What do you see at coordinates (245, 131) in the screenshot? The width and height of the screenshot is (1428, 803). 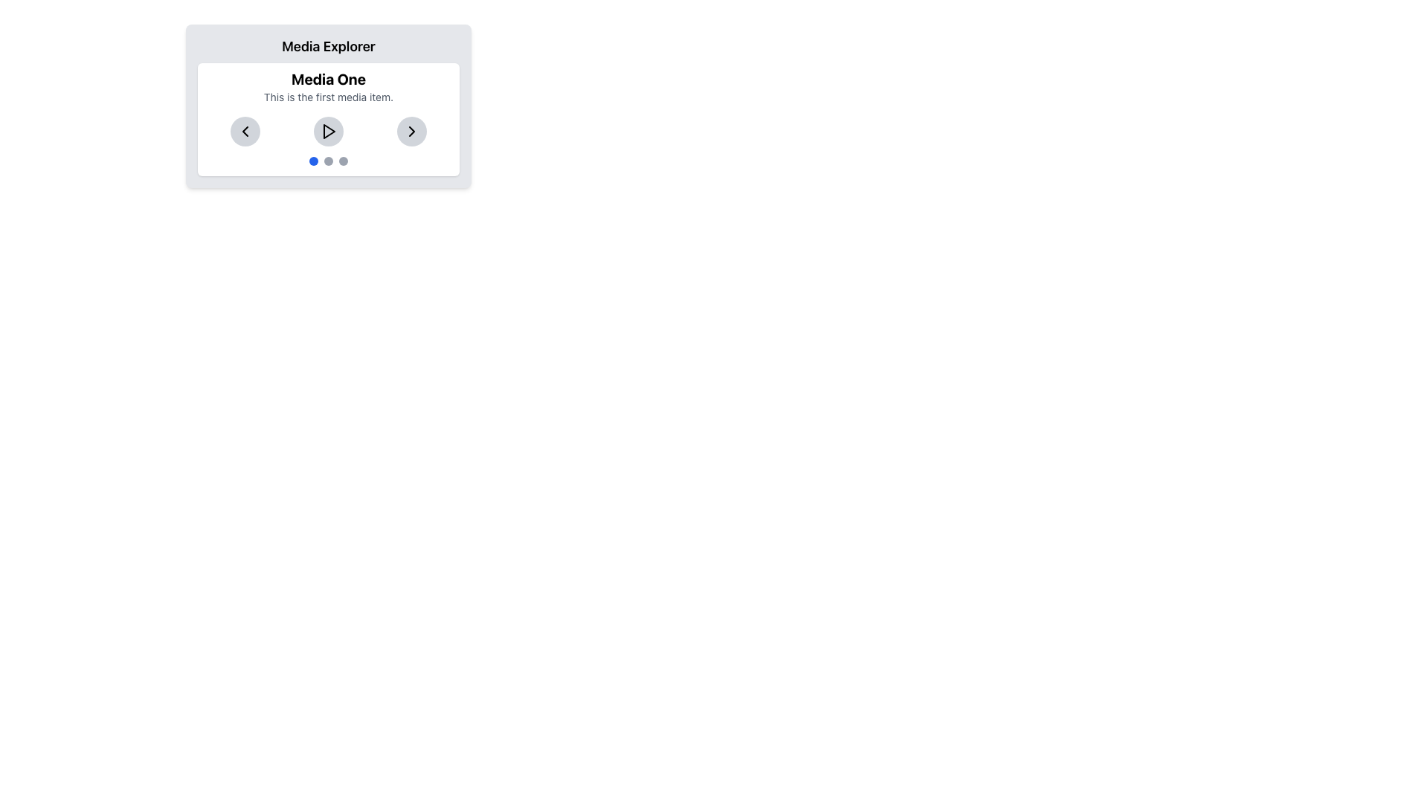 I see `the left-pointing chevron icon within the circular button` at bounding box center [245, 131].